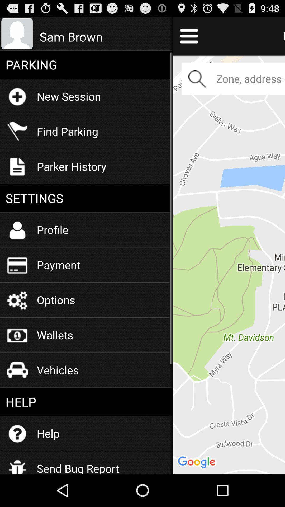  Describe the element at coordinates (17, 34) in the screenshot. I see `the icon which is left to the text sam brown` at that location.